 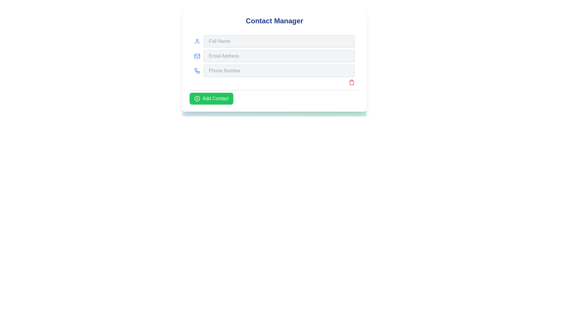 What do you see at coordinates (197, 56) in the screenshot?
I see `the envelope icon with a blue outline, symbolizing email, located to the left of the Email Address input field in the Contact Manager form` at bounding box center [197, 56].